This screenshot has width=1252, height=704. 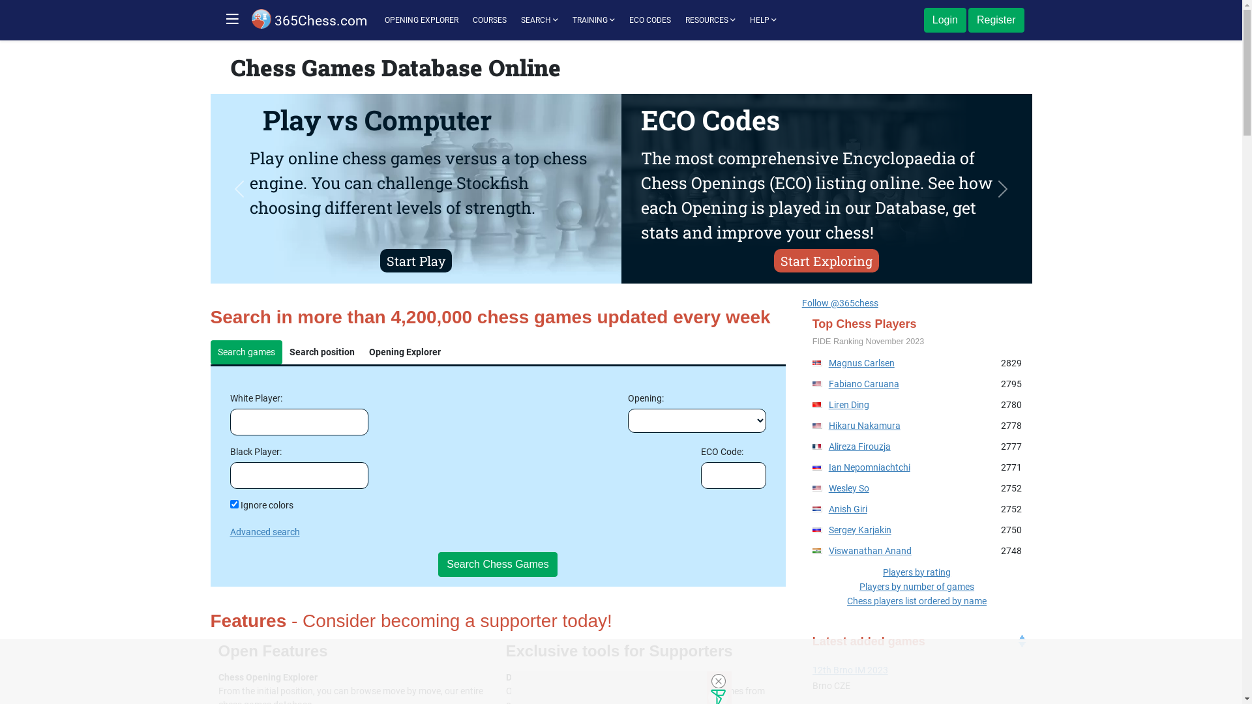 I want to click on '365Chess.com', so click(x=308, y=20).